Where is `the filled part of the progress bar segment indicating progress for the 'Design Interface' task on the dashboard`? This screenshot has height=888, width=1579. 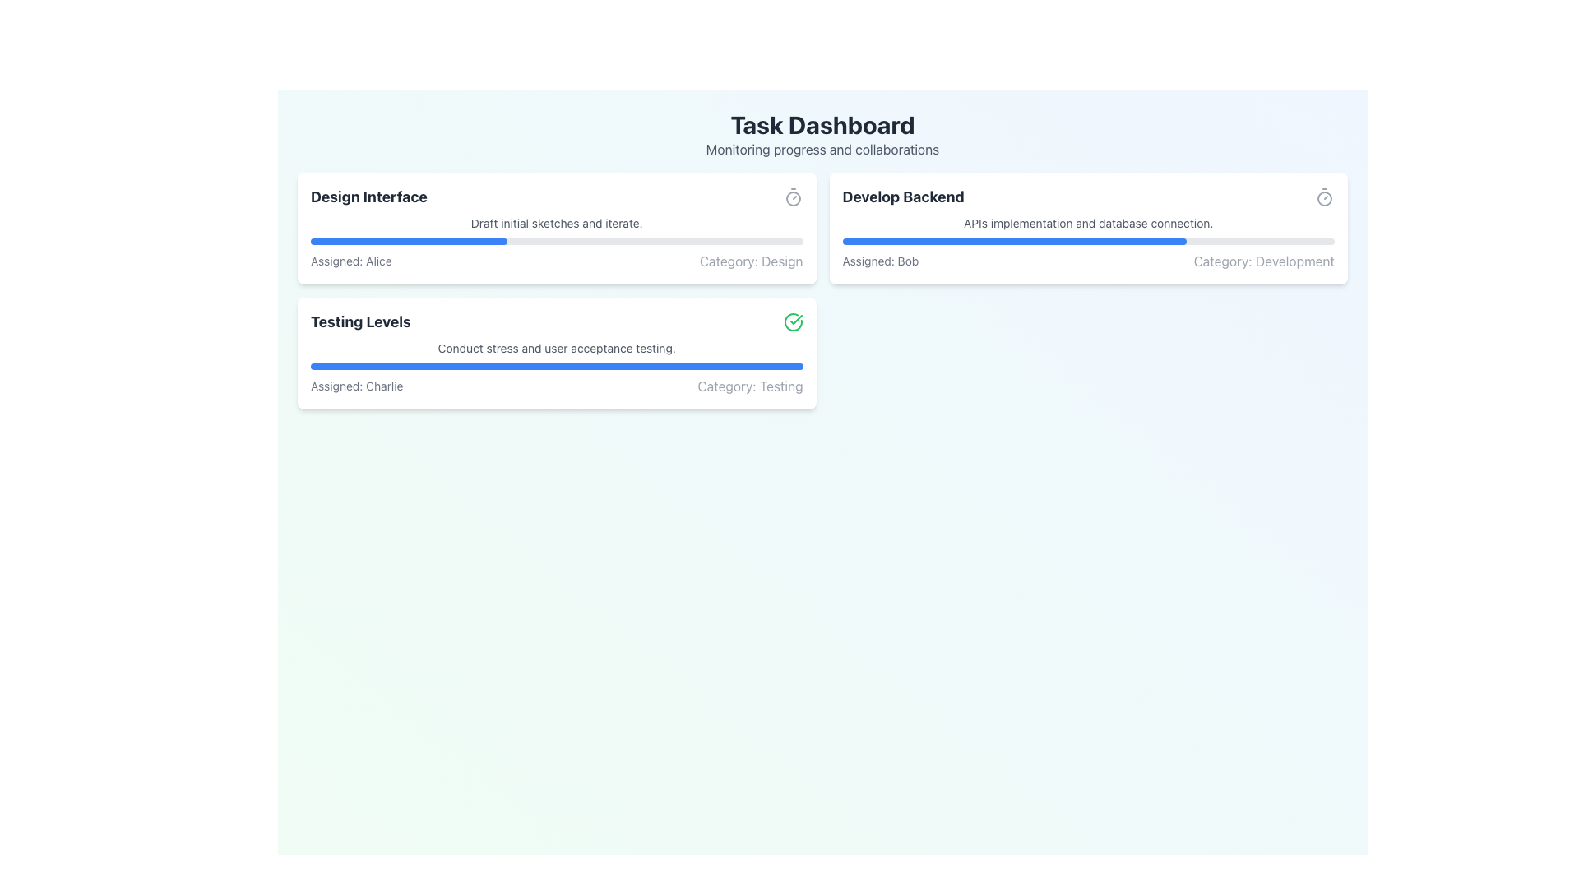
the filled part of the progress bar segment indicating progress for the 'Design Interface' task on the dashboard is located at coordinates (409, 241).